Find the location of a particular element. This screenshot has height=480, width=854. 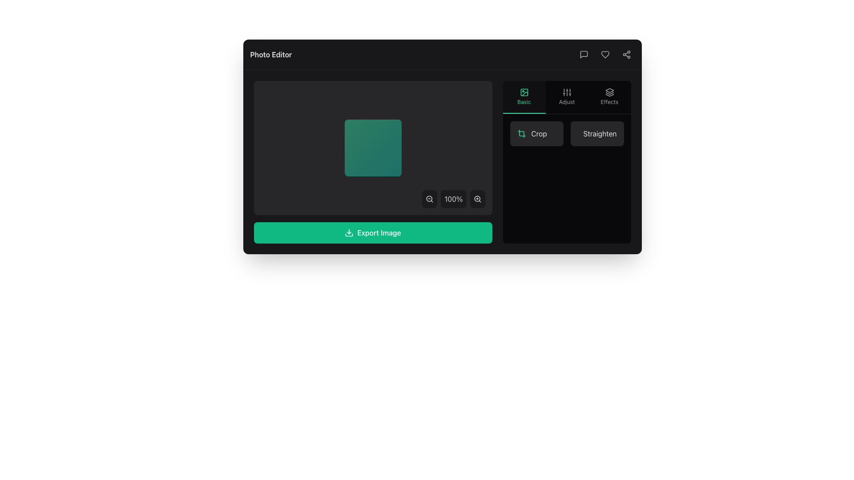

the zoom-in button located at the bottom-right corner of the interface, which is the last button is located at coordinates (477, 198).